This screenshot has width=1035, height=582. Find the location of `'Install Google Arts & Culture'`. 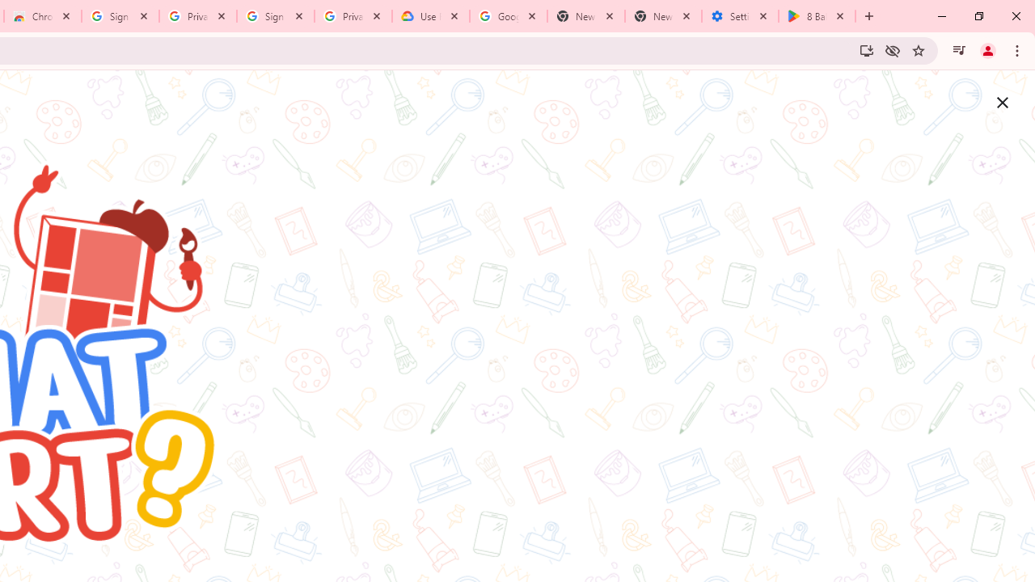

'Install Google Arts & Culture' is located at coordinates (866, 49).